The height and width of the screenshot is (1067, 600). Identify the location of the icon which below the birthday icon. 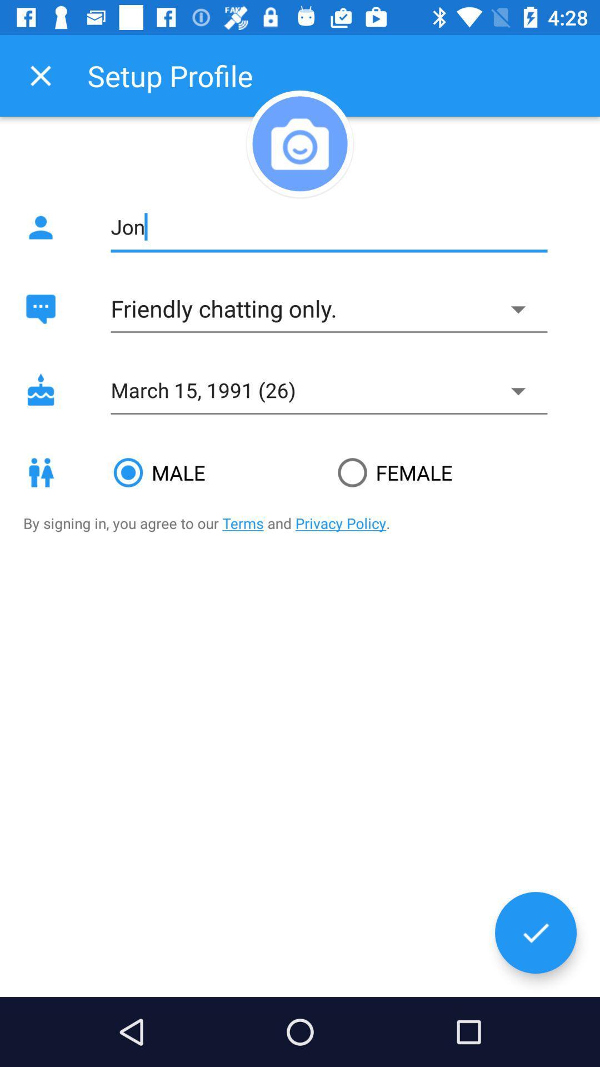
(40, 472).